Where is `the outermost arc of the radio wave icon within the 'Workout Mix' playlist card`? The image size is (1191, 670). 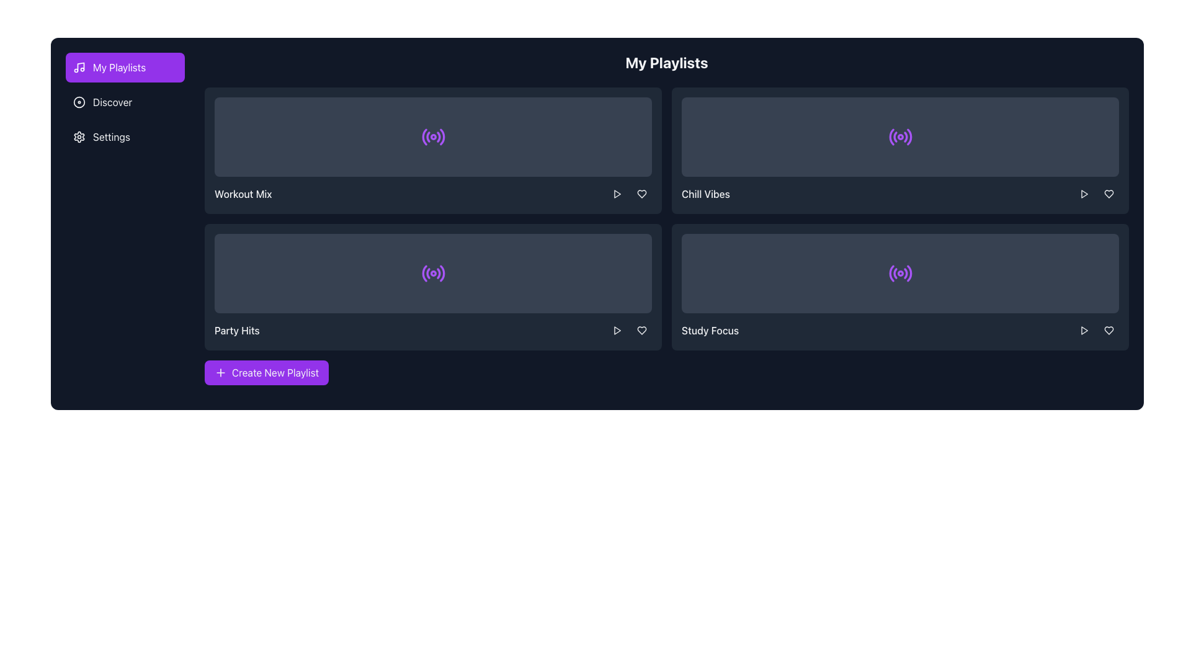
the outermost arc of the radio wave icon within the 'Workout Mix' playlist card is located at coordinates (442, 136).